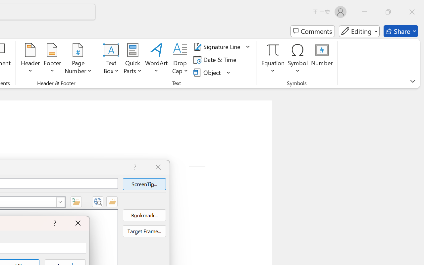  Describe the element at coordinates (30, 59) in the screenshot. I see `'Header'` at that location.